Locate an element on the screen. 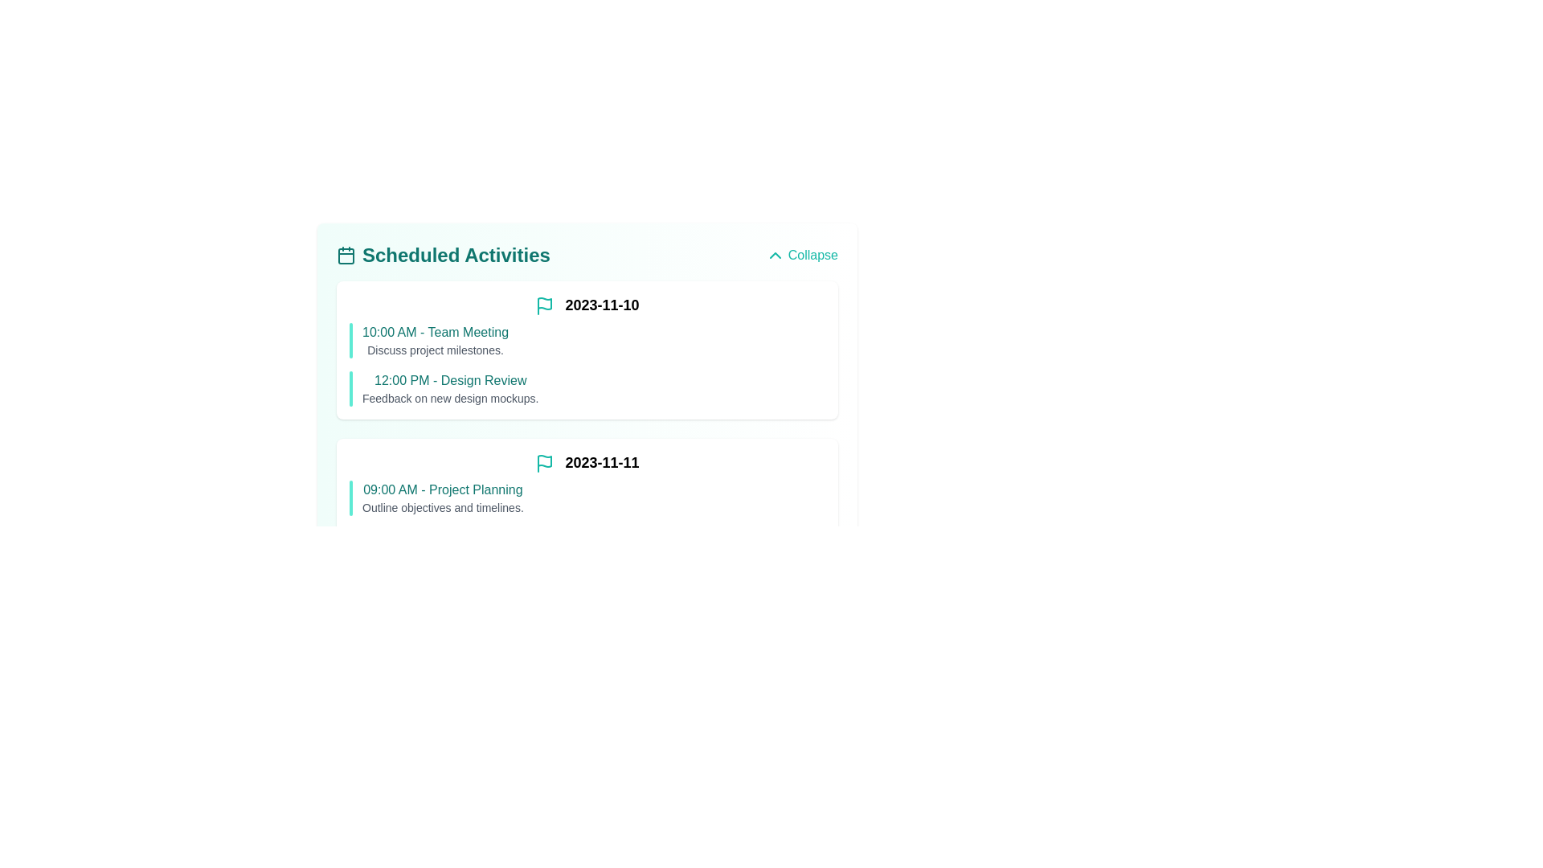 The width and height of the screenshot is (1543, 868). date information from the text label displaying '2023-11-10', which is styled with a bold and larger font size and positioned to the right of a teal-colored flag icon is located at coordinates (586, 305).